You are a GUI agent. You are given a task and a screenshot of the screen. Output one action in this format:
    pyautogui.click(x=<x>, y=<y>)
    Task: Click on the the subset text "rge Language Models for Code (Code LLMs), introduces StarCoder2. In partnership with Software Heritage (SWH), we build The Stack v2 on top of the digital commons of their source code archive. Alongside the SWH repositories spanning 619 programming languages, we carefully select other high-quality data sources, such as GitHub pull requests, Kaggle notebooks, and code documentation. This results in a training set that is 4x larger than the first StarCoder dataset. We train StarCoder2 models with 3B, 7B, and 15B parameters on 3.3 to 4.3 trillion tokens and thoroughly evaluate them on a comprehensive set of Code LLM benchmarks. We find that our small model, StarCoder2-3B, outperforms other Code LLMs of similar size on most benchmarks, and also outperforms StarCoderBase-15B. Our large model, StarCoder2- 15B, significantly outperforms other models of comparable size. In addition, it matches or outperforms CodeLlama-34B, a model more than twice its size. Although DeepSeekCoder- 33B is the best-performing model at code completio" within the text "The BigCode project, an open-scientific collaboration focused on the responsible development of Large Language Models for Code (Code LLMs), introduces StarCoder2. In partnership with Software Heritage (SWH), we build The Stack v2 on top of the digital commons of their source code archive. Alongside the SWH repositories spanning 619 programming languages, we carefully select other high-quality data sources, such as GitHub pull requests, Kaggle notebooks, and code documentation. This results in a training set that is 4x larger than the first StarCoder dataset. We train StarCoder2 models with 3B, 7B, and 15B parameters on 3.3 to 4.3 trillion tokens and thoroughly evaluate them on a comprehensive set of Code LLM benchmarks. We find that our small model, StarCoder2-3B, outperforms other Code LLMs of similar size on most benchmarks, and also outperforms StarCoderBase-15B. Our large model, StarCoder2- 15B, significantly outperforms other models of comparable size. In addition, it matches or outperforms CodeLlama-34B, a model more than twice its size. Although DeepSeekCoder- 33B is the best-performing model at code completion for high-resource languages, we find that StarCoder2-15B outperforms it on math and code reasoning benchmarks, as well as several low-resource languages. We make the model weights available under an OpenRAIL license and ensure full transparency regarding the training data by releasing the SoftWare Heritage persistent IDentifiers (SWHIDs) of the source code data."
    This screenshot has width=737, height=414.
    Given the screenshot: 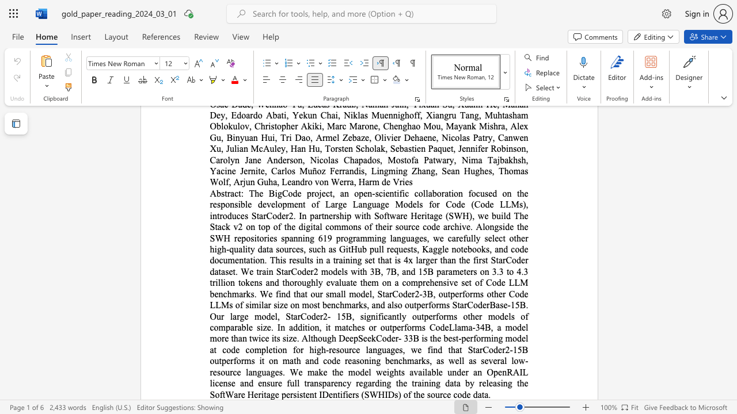 What is the action you would take?
    pyautogui.click(x=334, y=204)
    